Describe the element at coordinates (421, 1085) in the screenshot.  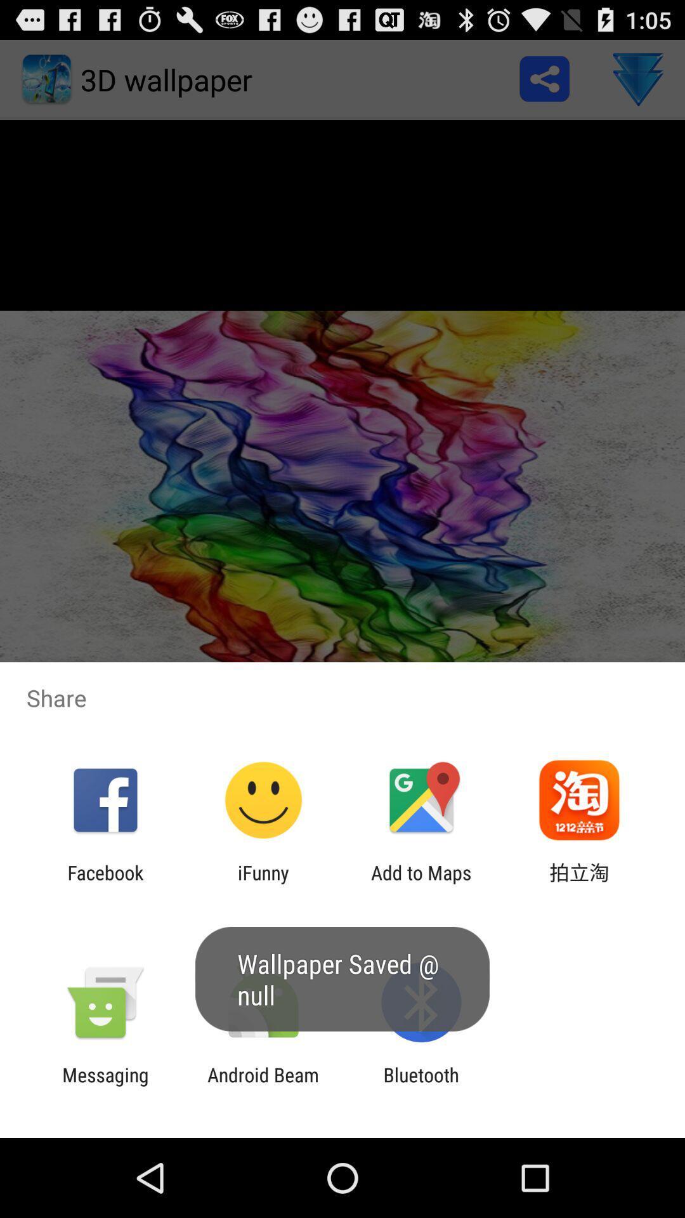
I see `the bluetooth` at that location.